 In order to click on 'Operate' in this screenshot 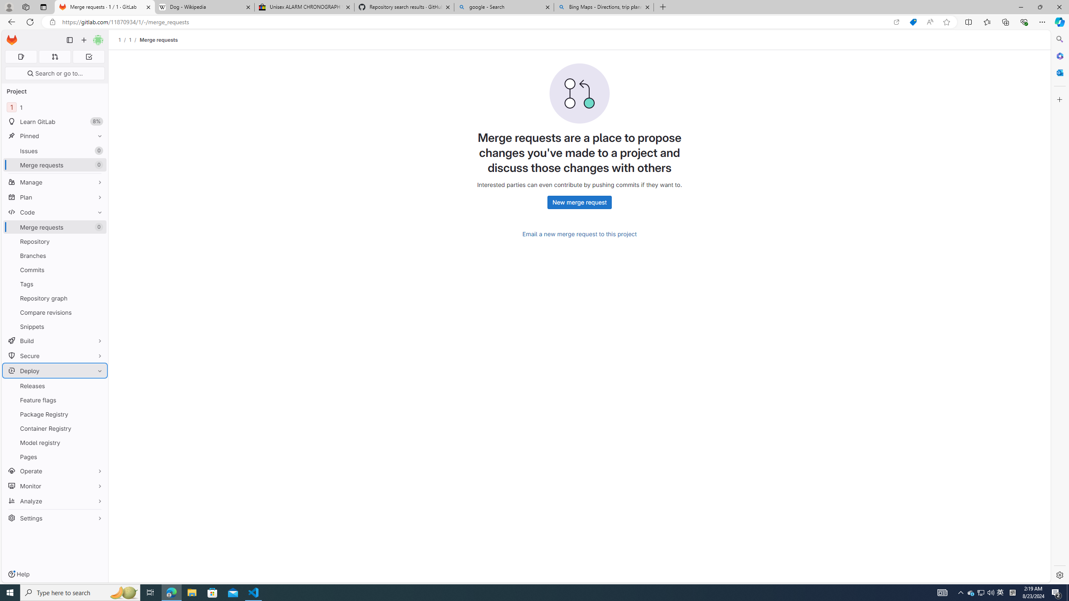, I will do `click(54, 470)`.